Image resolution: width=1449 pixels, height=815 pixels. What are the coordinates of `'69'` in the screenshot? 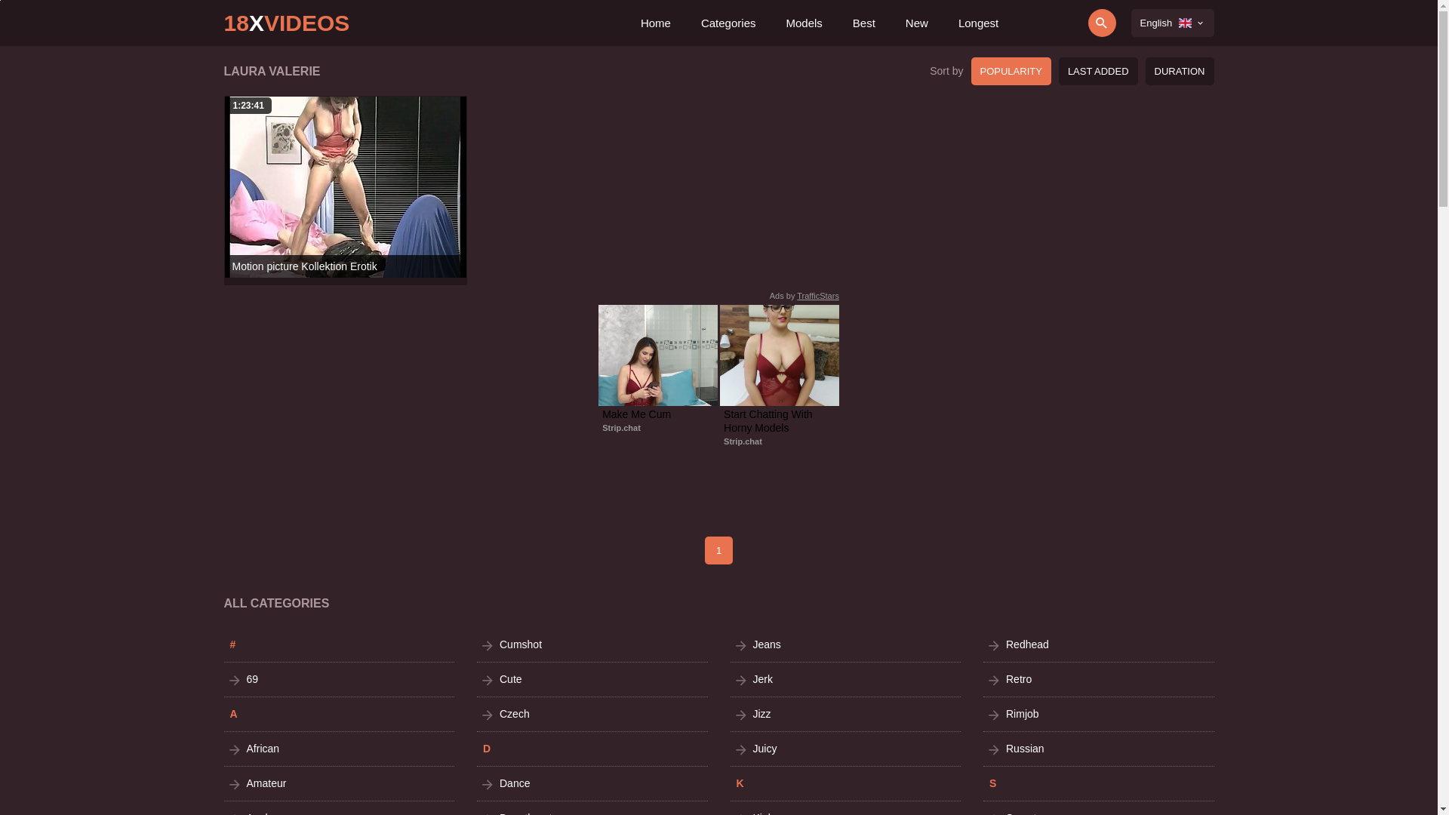 It's located at (223, 679).